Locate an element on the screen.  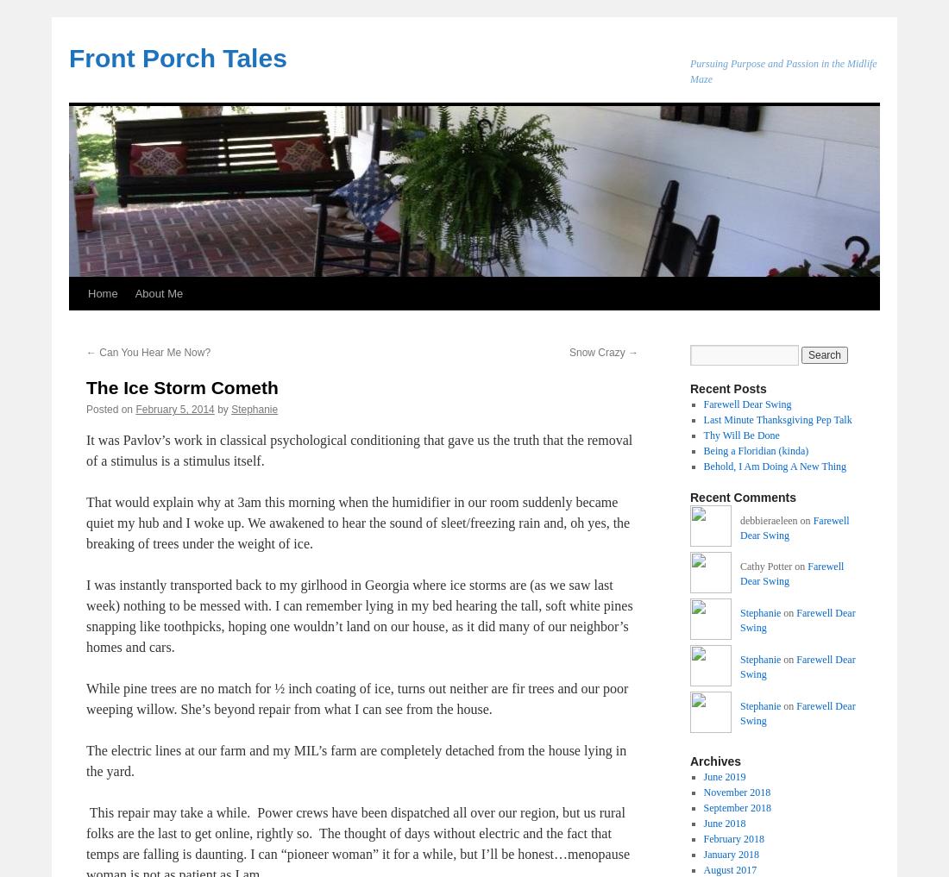
'June 2018' is located at coordinates (723, 822).